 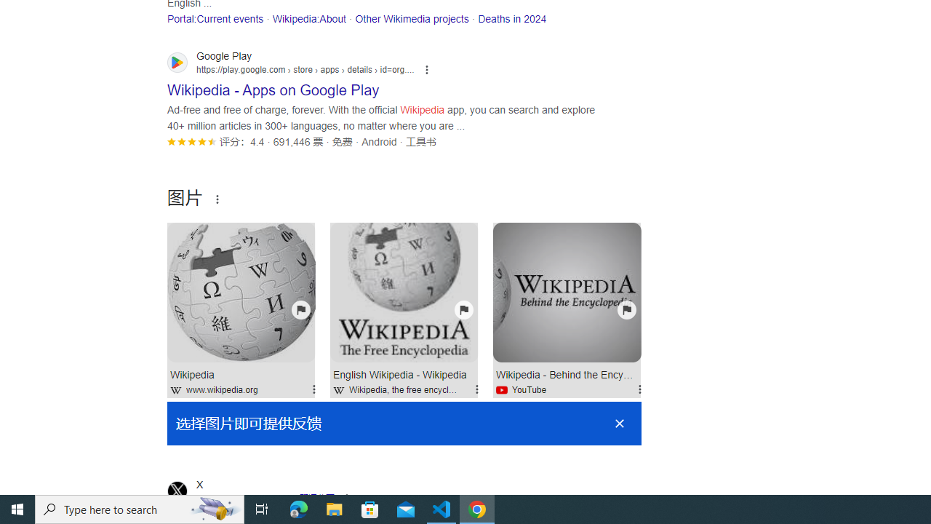 What do you see at coordinates (411, 18) in the screenshot?
I see `'Other Wikimedia projects'` at bounding box center [411, 18].